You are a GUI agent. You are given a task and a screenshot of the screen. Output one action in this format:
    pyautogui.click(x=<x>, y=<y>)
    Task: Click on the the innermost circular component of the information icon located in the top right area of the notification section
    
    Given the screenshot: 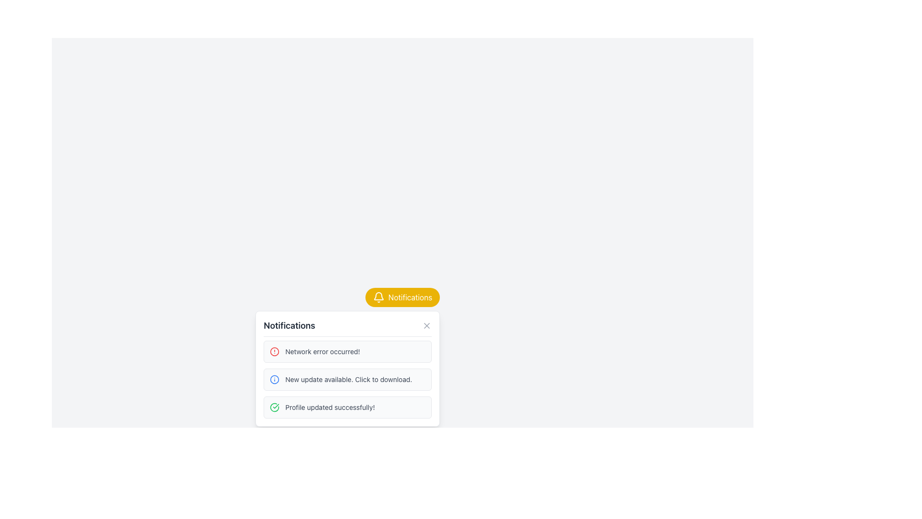 What is the action you would take?
    pyautogui.click(x=274, y=379)
    